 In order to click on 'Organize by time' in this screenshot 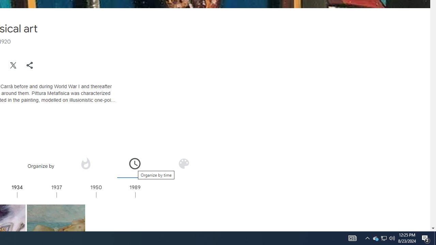, I will do `click(135, 163)`.